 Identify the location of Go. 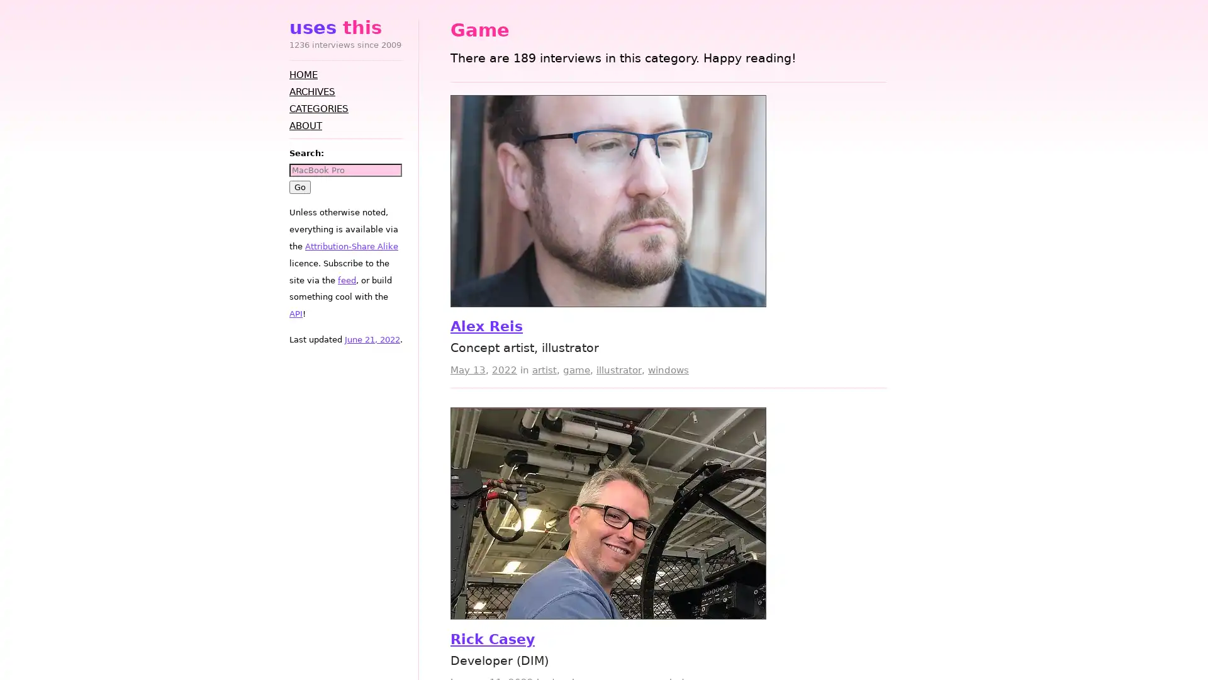
(299, 186).